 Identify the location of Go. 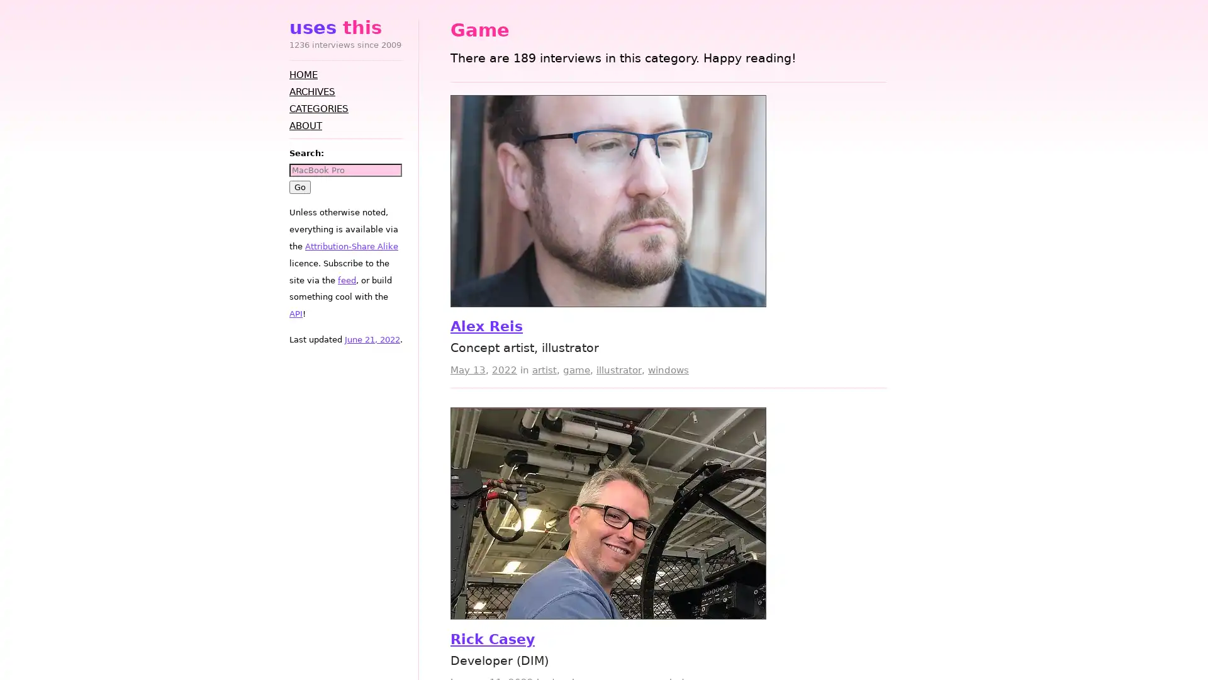
(299, 186).